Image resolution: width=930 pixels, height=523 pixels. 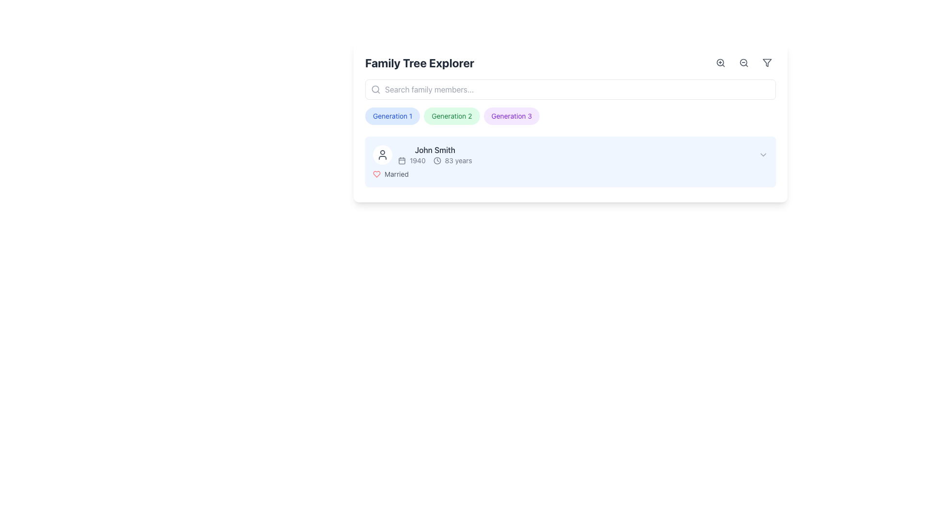 What do you see at coordinates (376, 173) in the screenshot?
I see `the heart icon located near the lower-left corner of the 'Married' label` at bounding box center [376, 173].